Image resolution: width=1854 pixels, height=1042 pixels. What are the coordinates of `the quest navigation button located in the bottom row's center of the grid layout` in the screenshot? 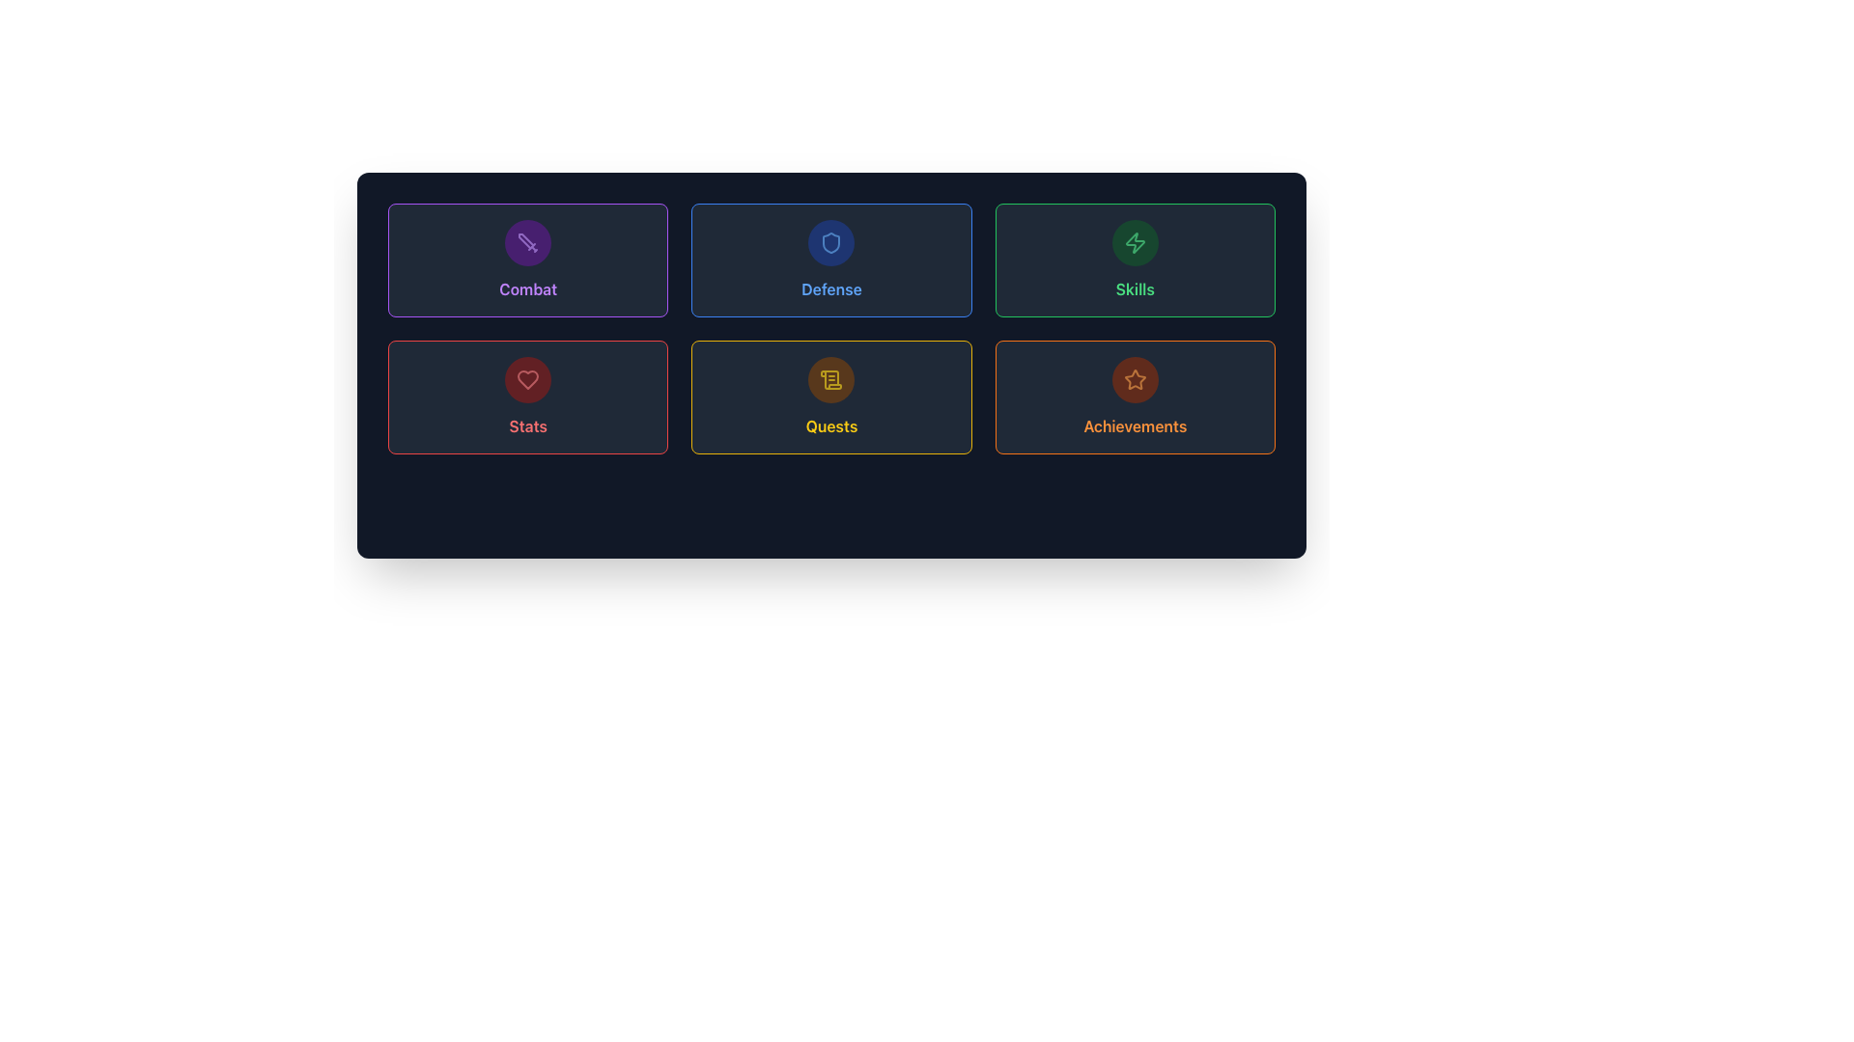 It's located at (831, 397).